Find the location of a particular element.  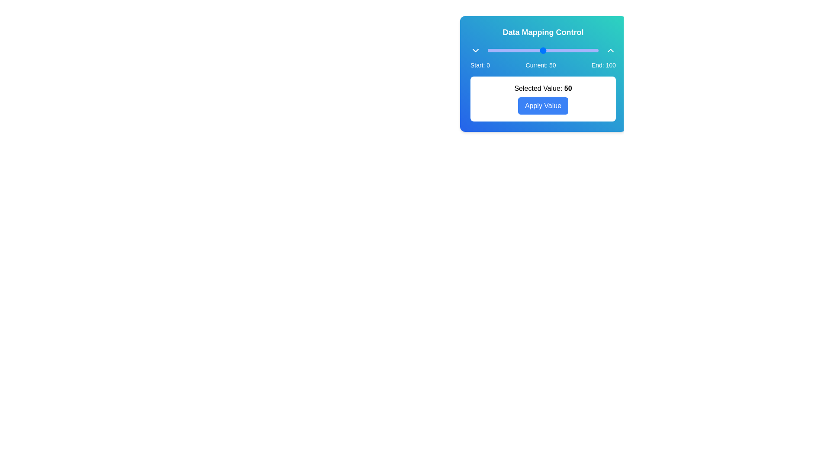

the slider is located at coordinates (564, 50).